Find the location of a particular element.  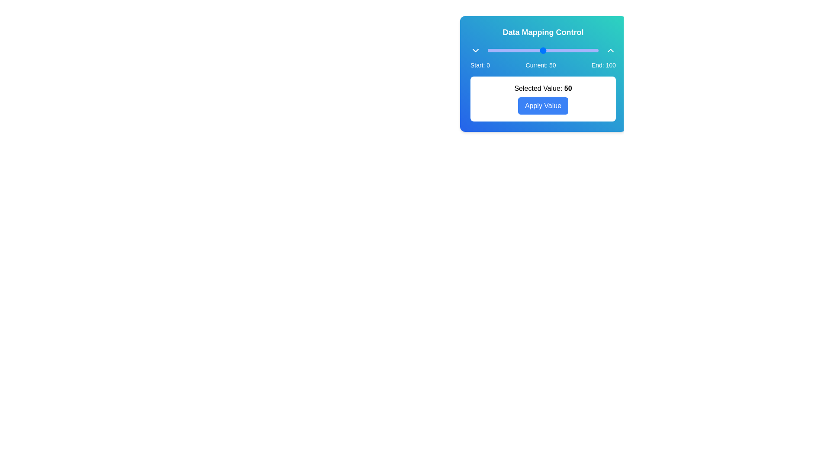

the slider is located at coordinates (564, 50).